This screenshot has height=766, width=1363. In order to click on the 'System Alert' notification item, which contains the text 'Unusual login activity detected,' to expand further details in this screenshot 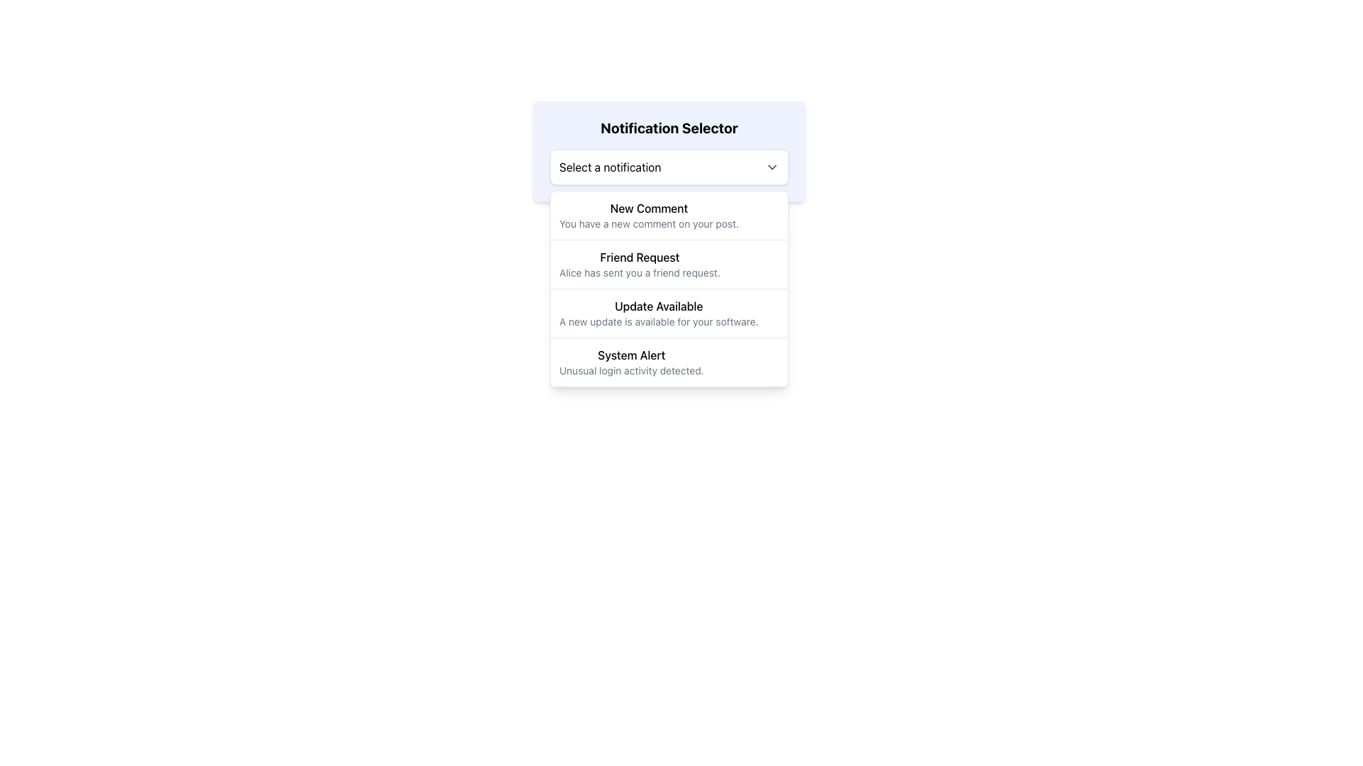, I will do `click(668, 362)`.